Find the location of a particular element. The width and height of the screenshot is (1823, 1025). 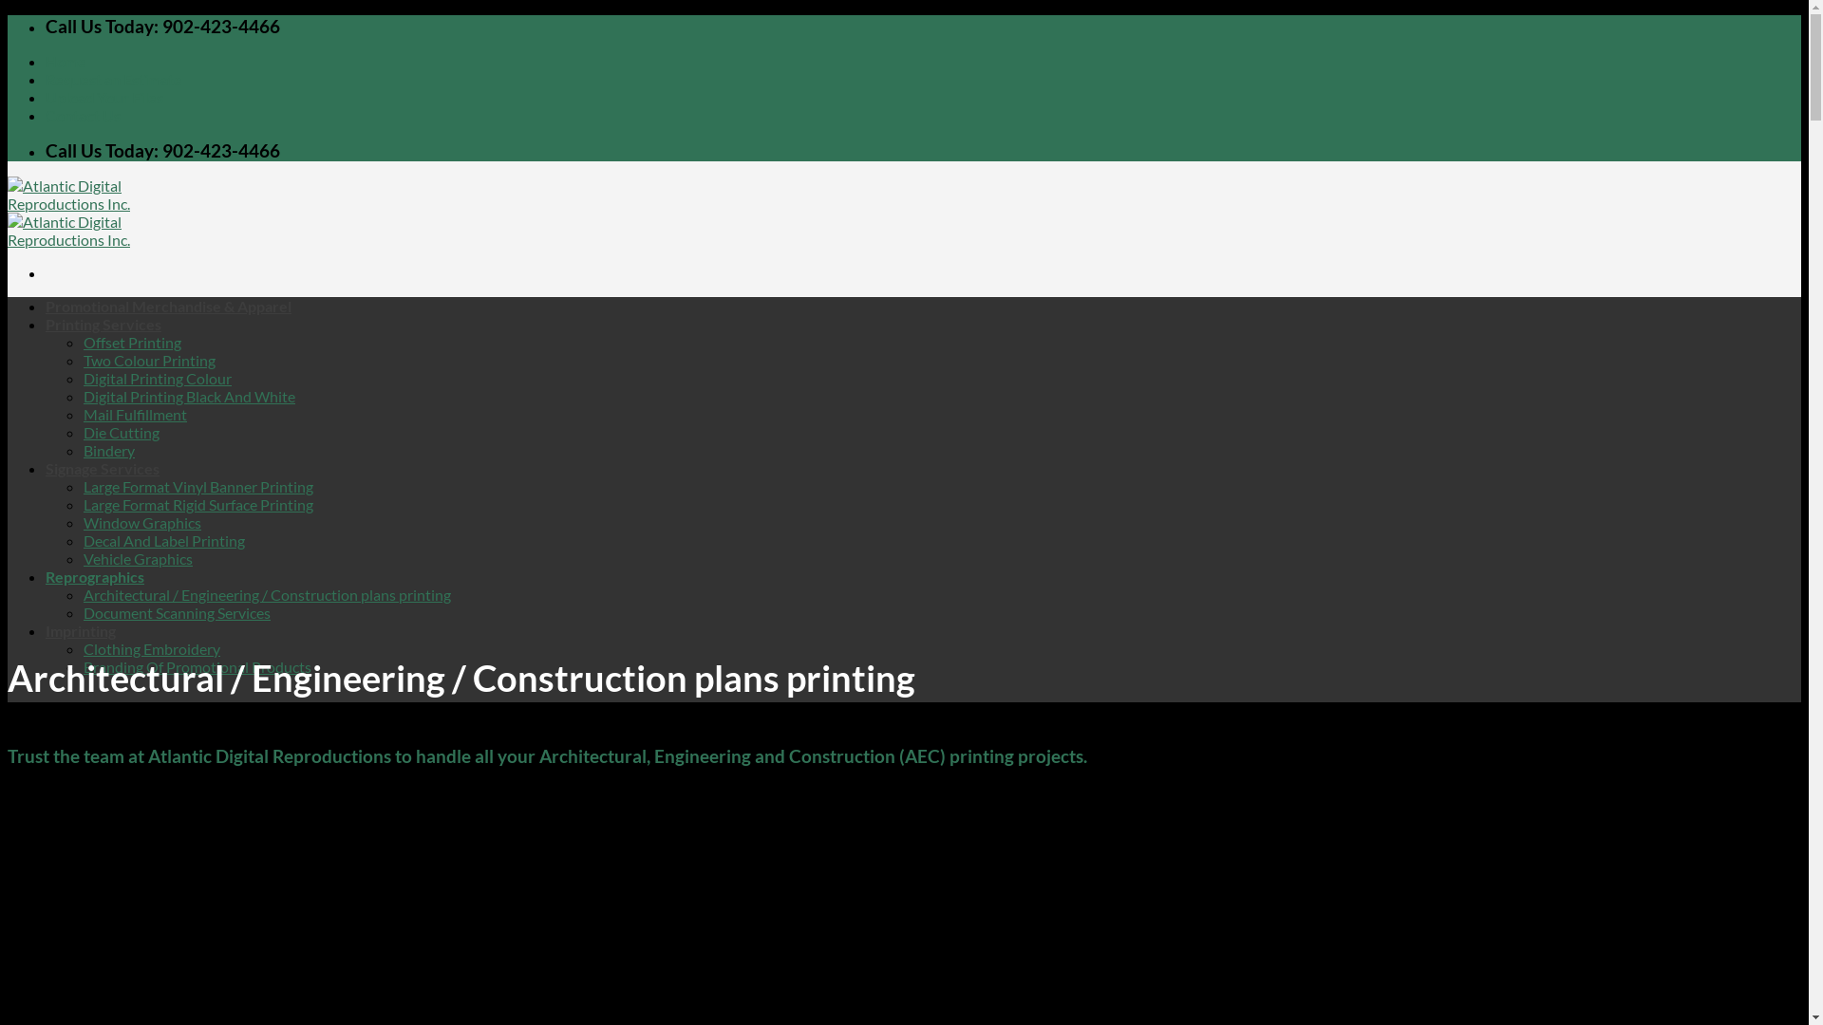

'Reprographics' is located at coordinates (94, 575).